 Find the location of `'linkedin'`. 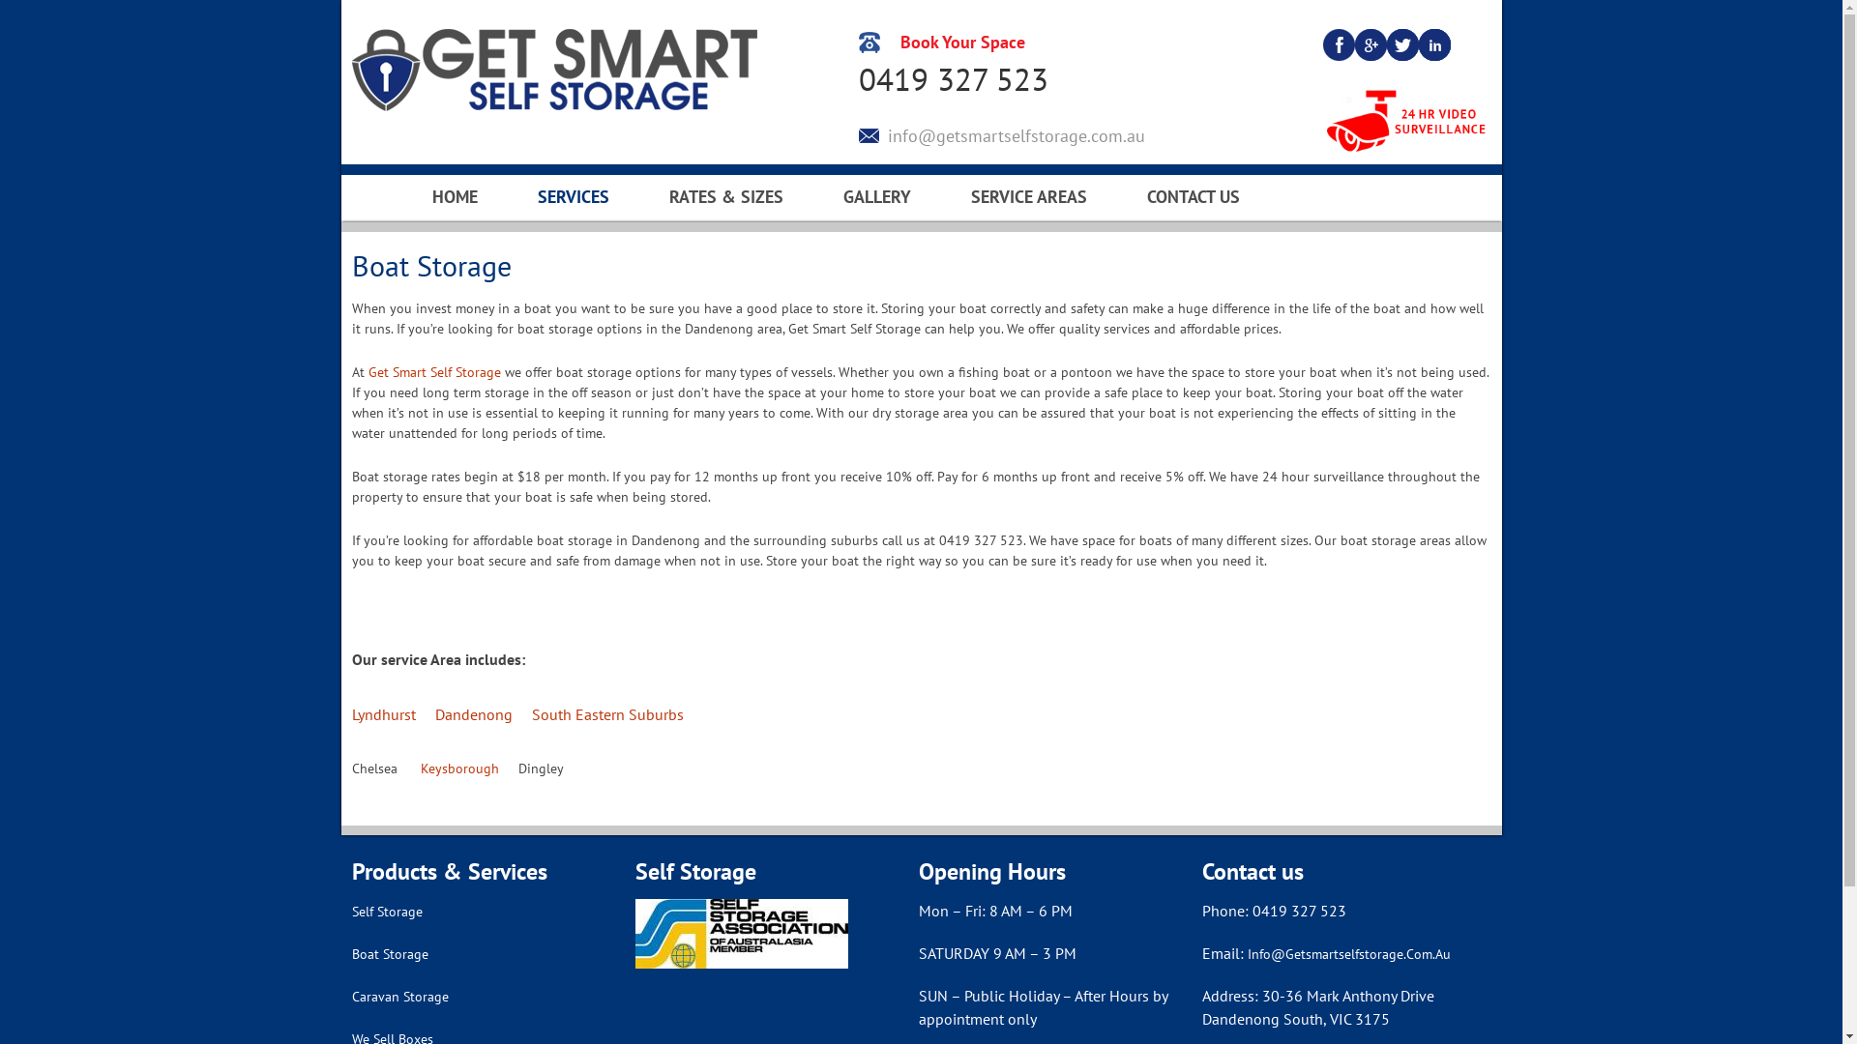

'linkedin' is located at coordinates (1434, 43).